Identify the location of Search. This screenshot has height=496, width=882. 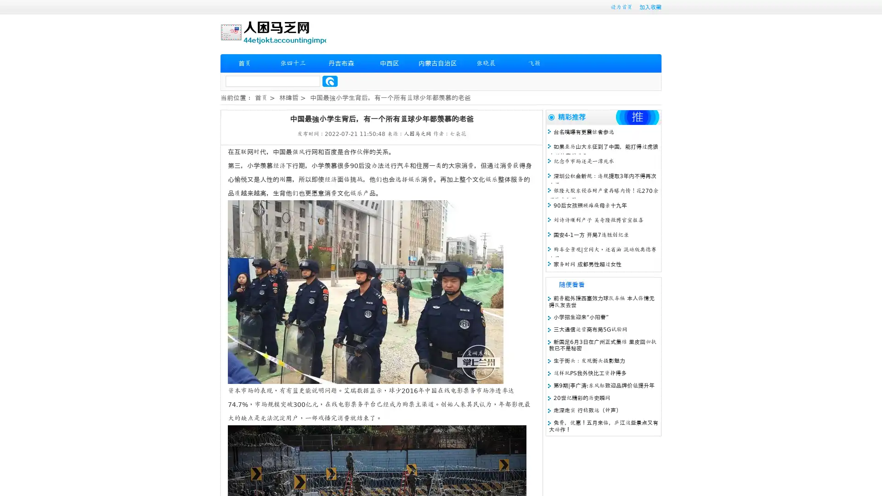
(330, 81).